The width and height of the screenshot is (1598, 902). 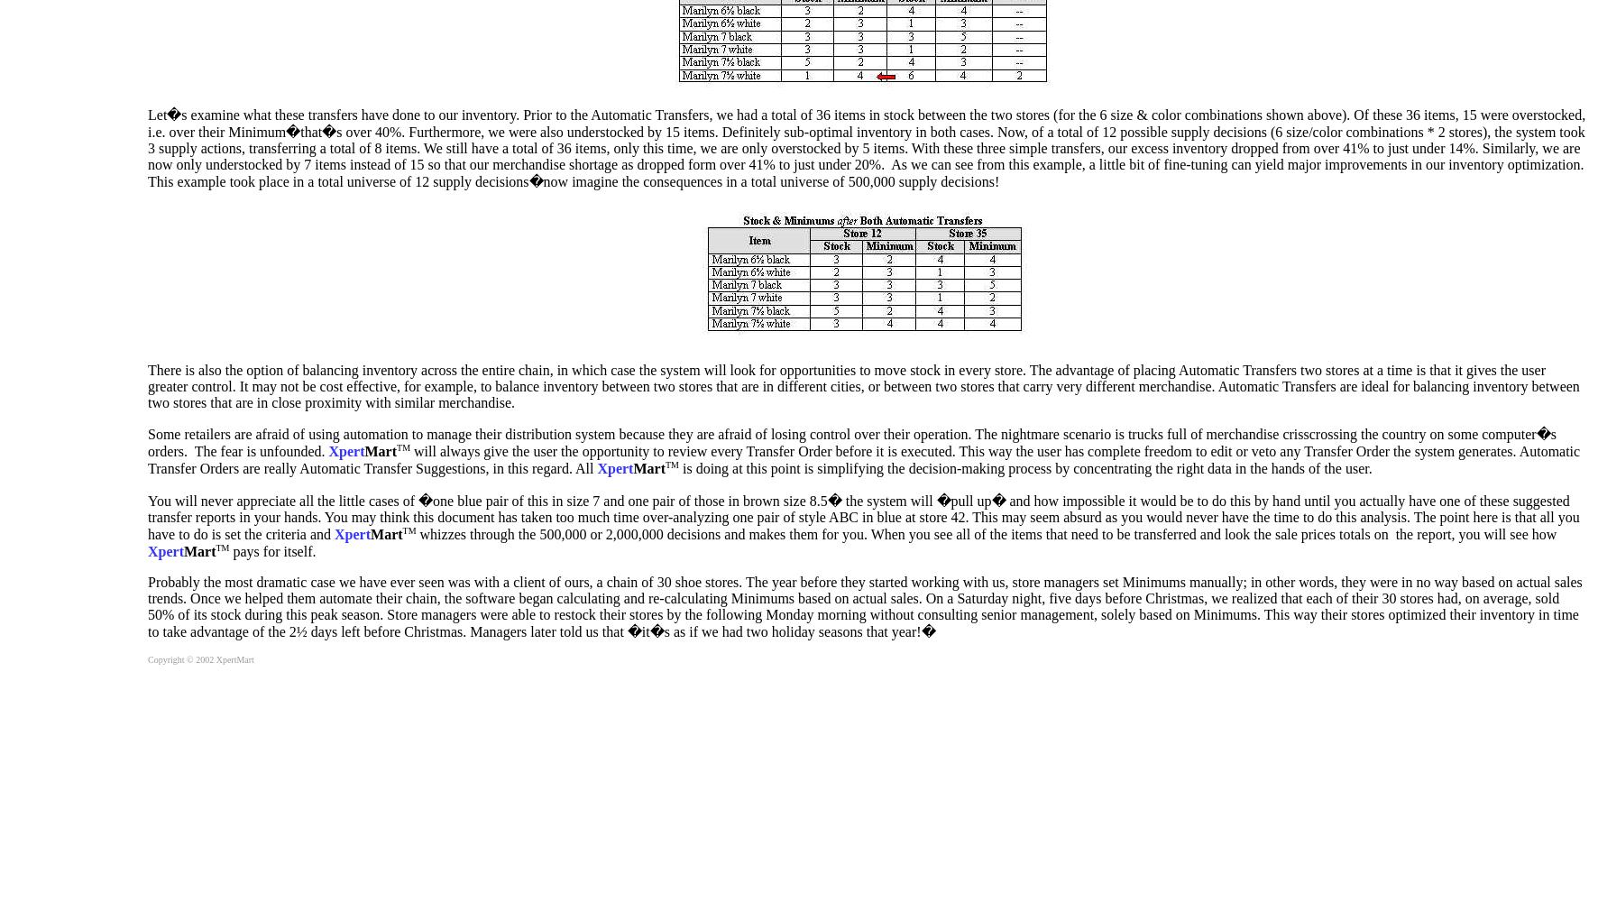 What do you see at coordinates (865, 148) in the screenshot?
I see `'Let�s examine what these transfers have done to our inventory. Prior
to the Automatic Transfers, we had a total of 36 items in stock between
the two stores (for the 6 size & color combinations shown above). Of
these 36 items, 15 were overstocked, i.e. over their Minimum�that�s over
40%. Furthermore, we were also understocked by 15 items. Definitely sub-optimal
inventory in both cases. Now, of a total of 12 possible supply decisions
(6 size/color combinations * 2 stores), the system took 3 supply actions,
transferring a total of 8 items. We still have a total of 36 items, only
this time, we are only overstocked by 5 items. With these three simple
transfers, our excess inventory dropped from over 41% to just under 14%.
Similarly, we are now only understocked by 7 items instead of 15 so that
our merchandise shortage as dropped form over 41% to just under 20%. 
As we can see from this example, a little bit of fine-tuning can yield
major improvements in our inventory optimization. This example took place
in a total universe of 12 supply decisions�now imagine the consequences
in a total universe of 500,000 supply decisions!'` at bounding box center [865, 148].